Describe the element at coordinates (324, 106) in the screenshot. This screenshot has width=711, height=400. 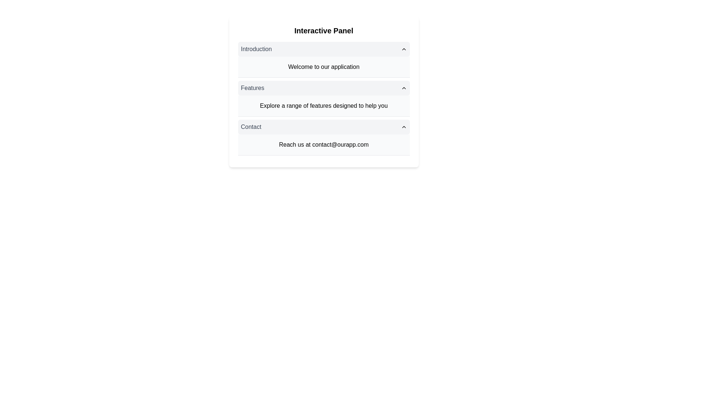
I see `the Text display block that contains the text 'Explore a range of features designed to help you', which is styled with a light-gray background and centrally aligned text within its rectangular area` at that location.